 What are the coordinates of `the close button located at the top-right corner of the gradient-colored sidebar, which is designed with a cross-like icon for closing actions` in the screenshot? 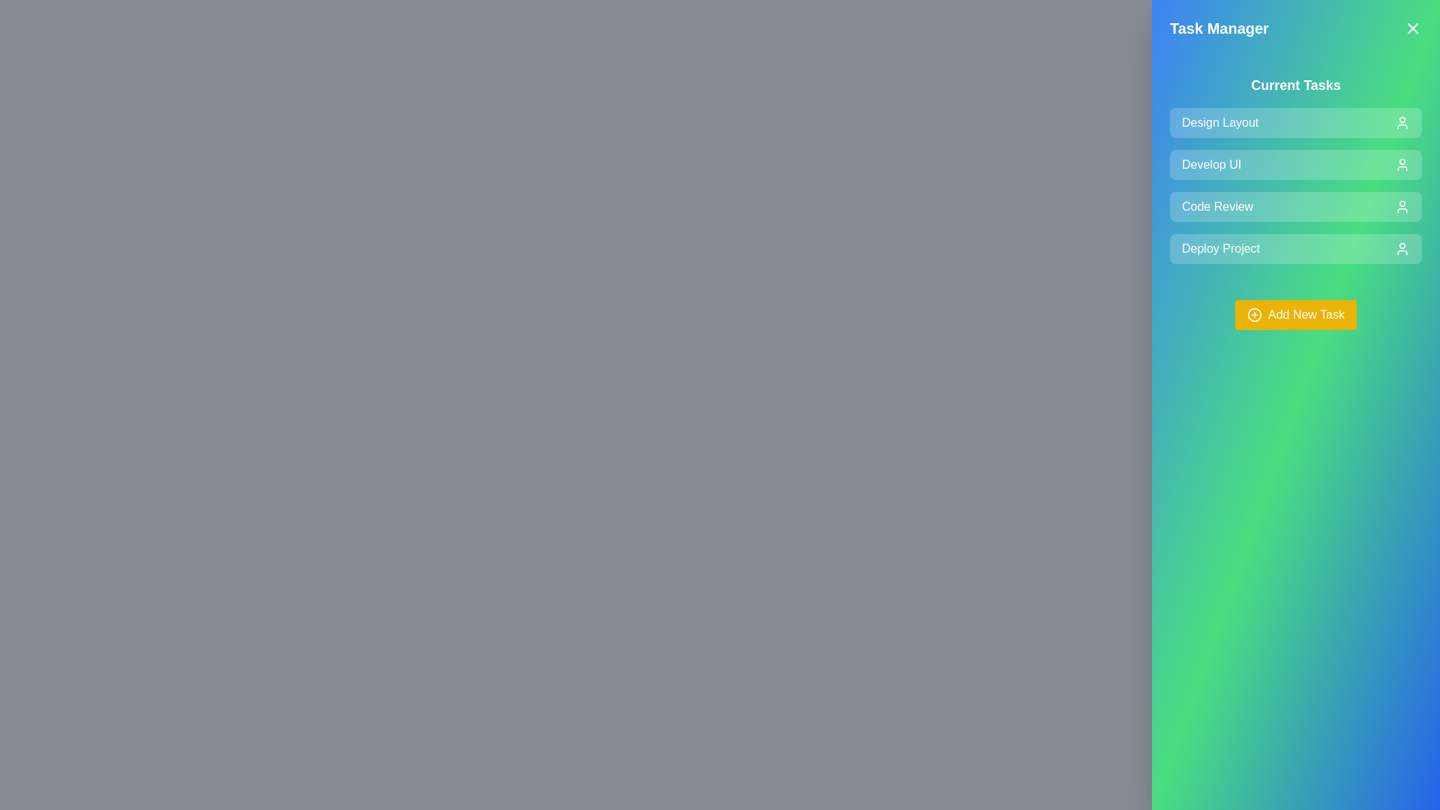 It's located at (1411, 28).